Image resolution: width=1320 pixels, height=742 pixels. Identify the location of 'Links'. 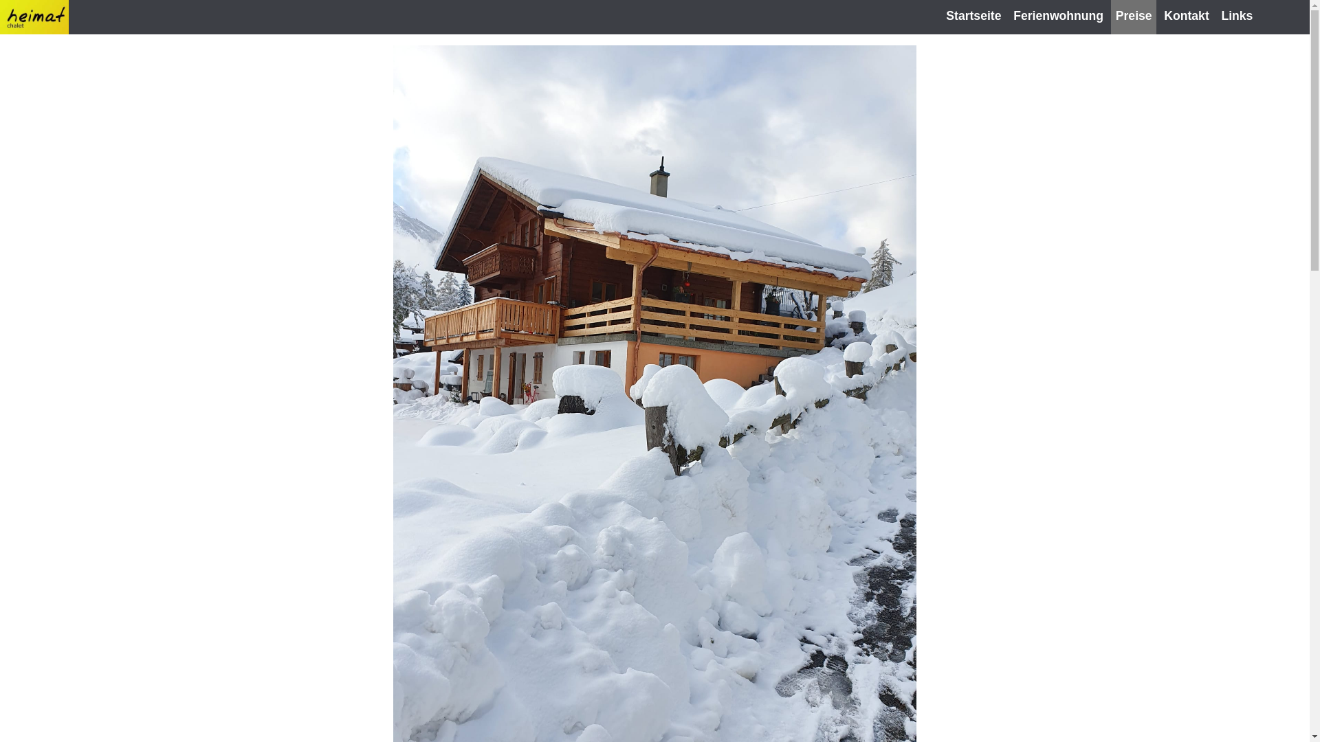
(1237, 16).